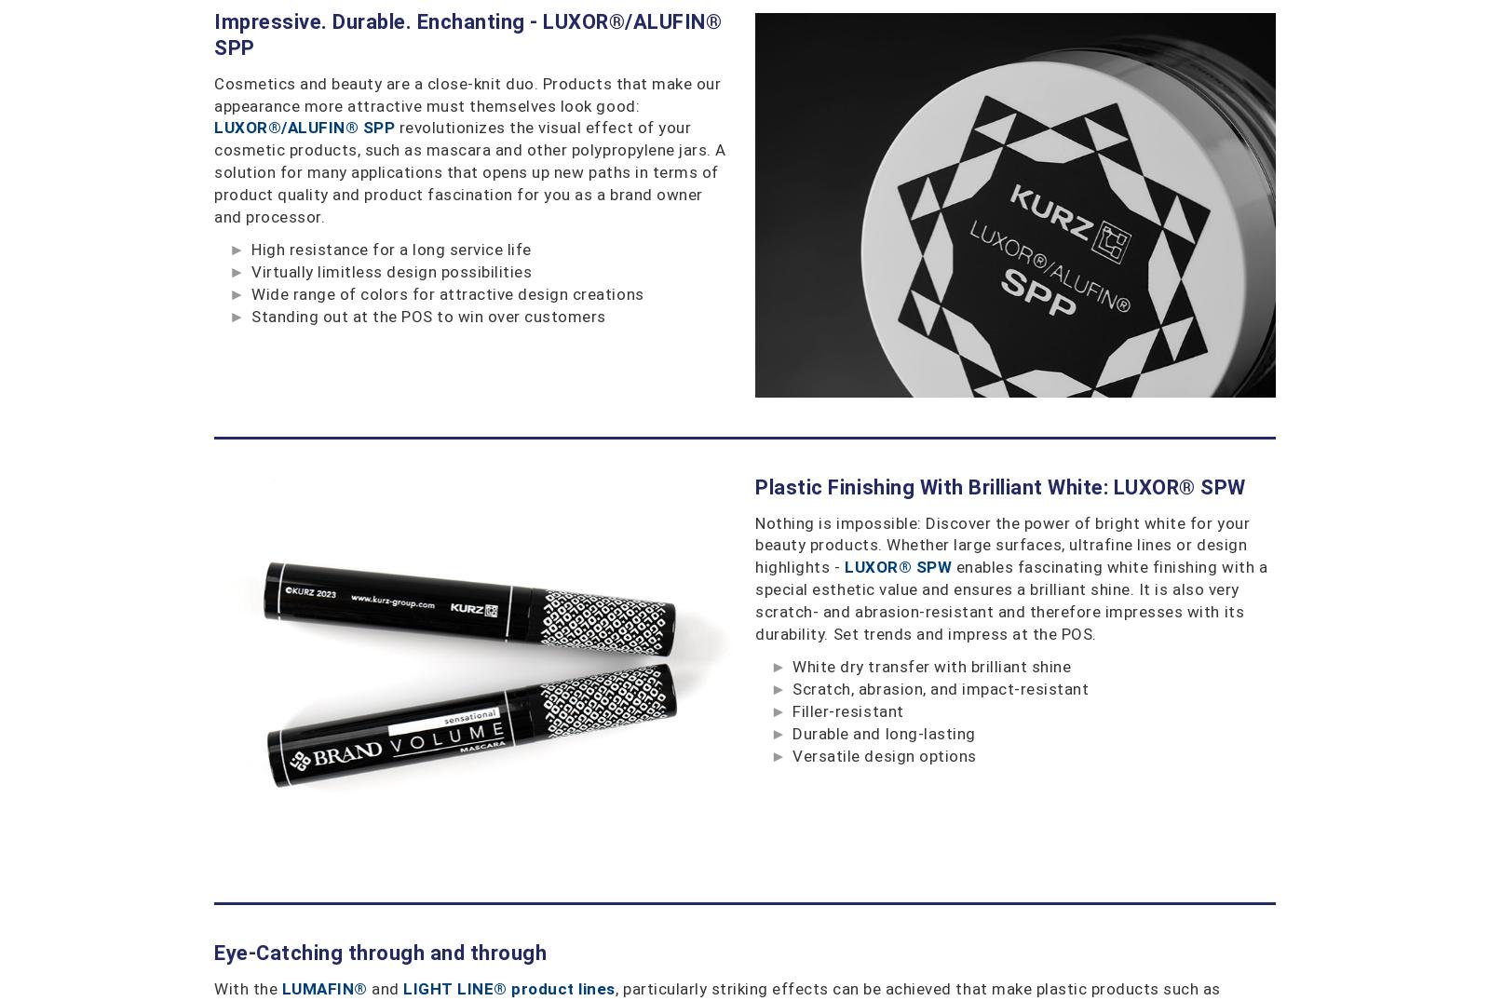 The width and height of the screenshot is (1490, 1001). Describe the element at coordinates (213, 33) in the screenshot. I see `'Impressive. Durable. Enchanting - LUXOR®/ALUFIN® SPP'` at that location.